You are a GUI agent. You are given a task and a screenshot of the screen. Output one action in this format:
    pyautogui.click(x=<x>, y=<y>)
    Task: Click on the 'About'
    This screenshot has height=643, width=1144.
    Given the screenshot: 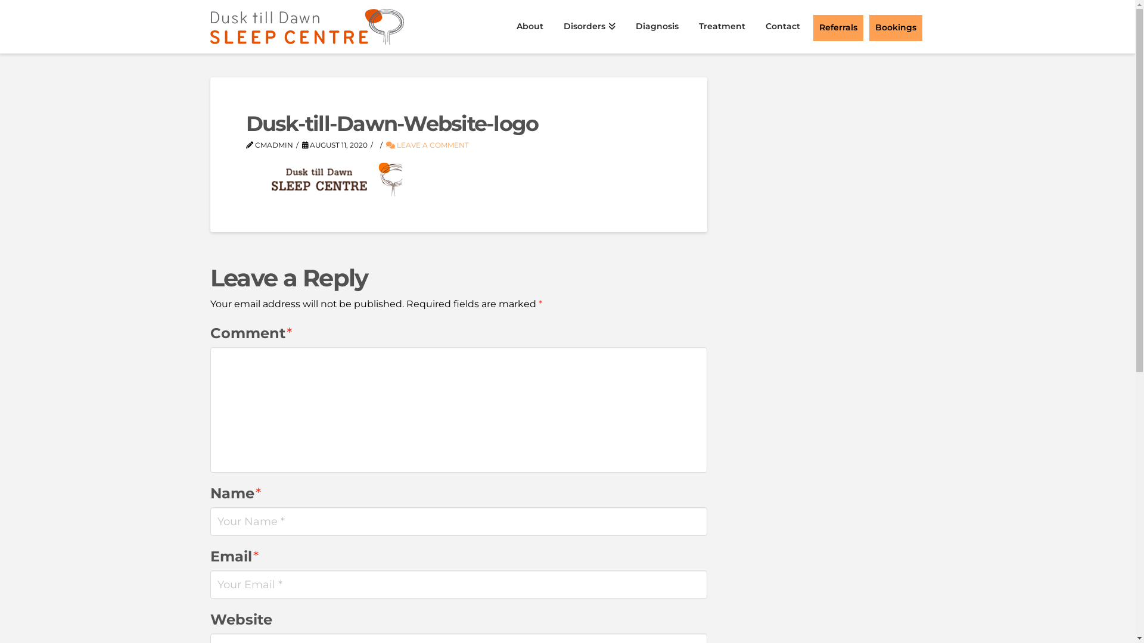 What is the action you would take?
    pyautogui.click(x=506, y=27)
    